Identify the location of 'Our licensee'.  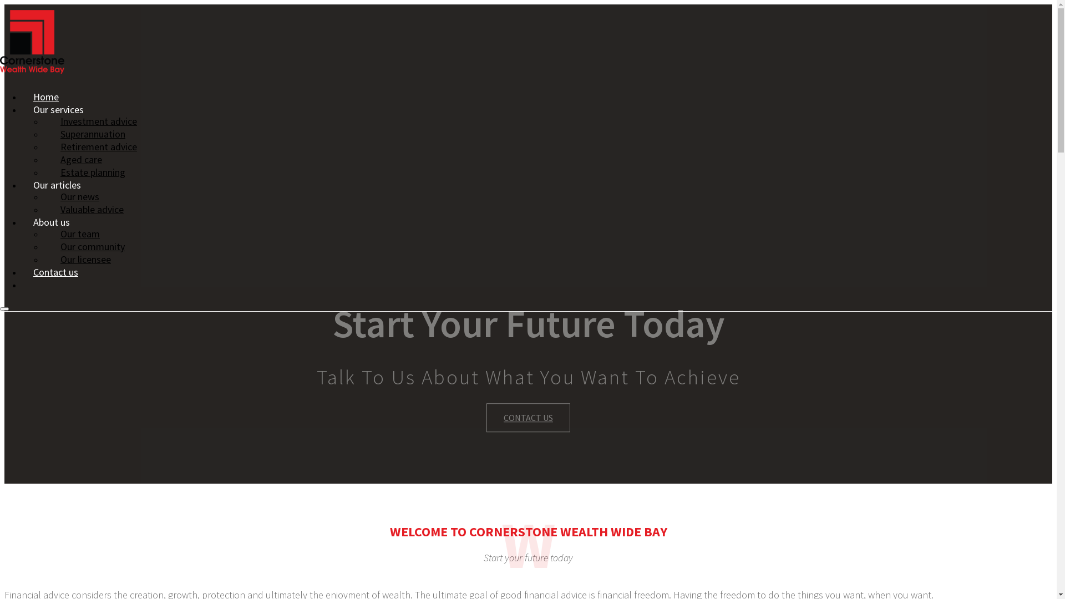
(43, 259).